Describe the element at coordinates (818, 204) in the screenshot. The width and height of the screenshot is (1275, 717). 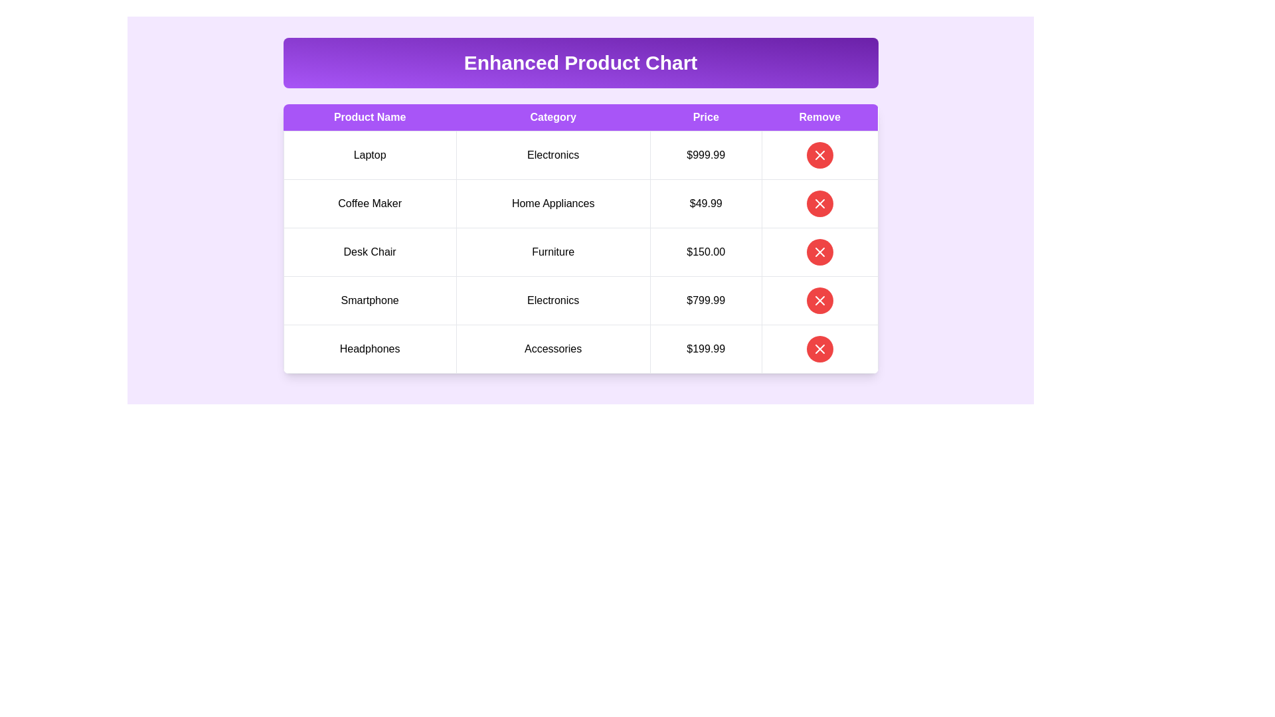
I see `the button in the 'Remove' column of the second row in the table` at that location.